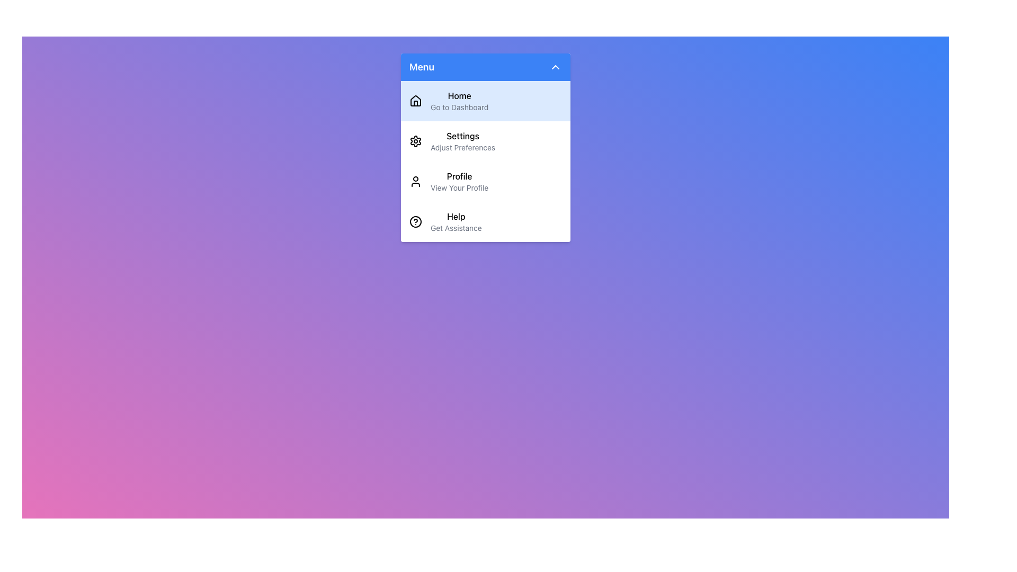 This screenshot has width=1017, height=572. I want to click on the 'Help' label in the dropdown menu, so click(456, 216).